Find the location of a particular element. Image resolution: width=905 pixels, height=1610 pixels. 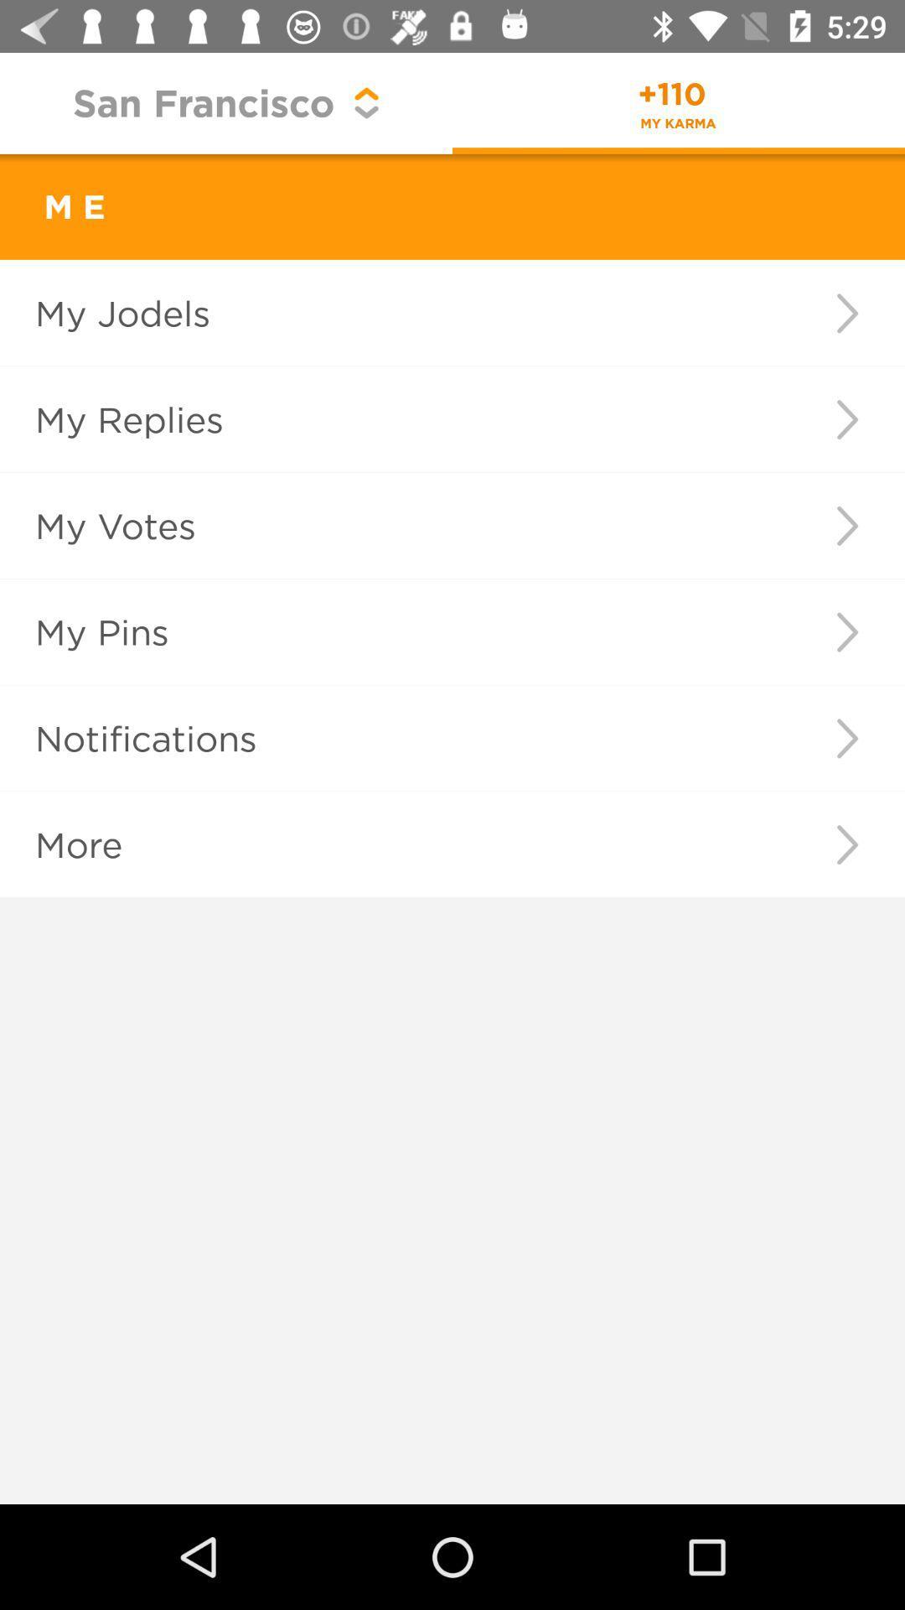

the item next to my jodels item is located at coordinates (847, 313).